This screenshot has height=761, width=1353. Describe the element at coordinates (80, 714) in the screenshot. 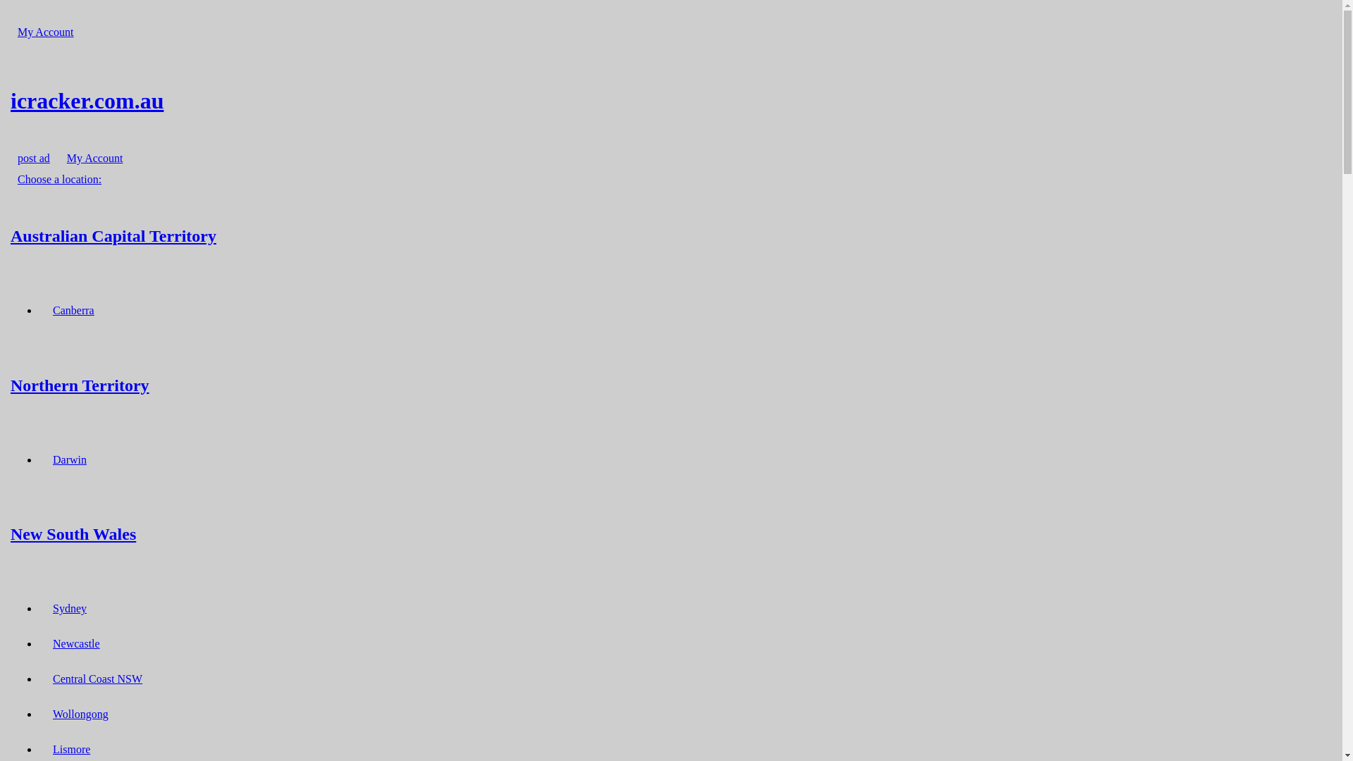

I see `'Wollongong'` at that location.